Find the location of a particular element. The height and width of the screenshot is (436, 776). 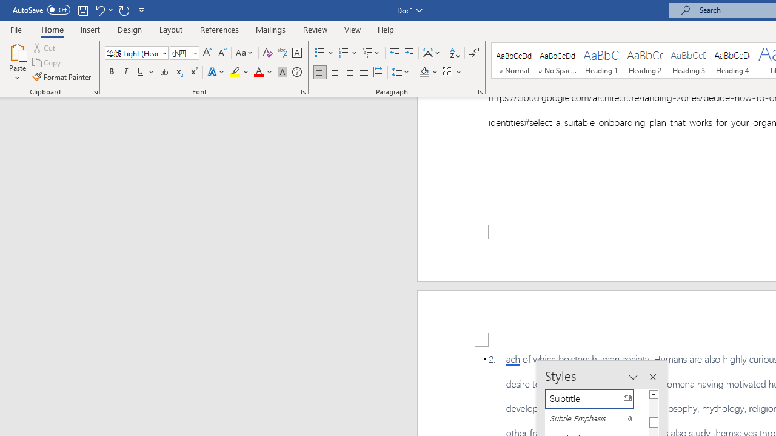

'Bullets' is located at coordinates (320, 52).